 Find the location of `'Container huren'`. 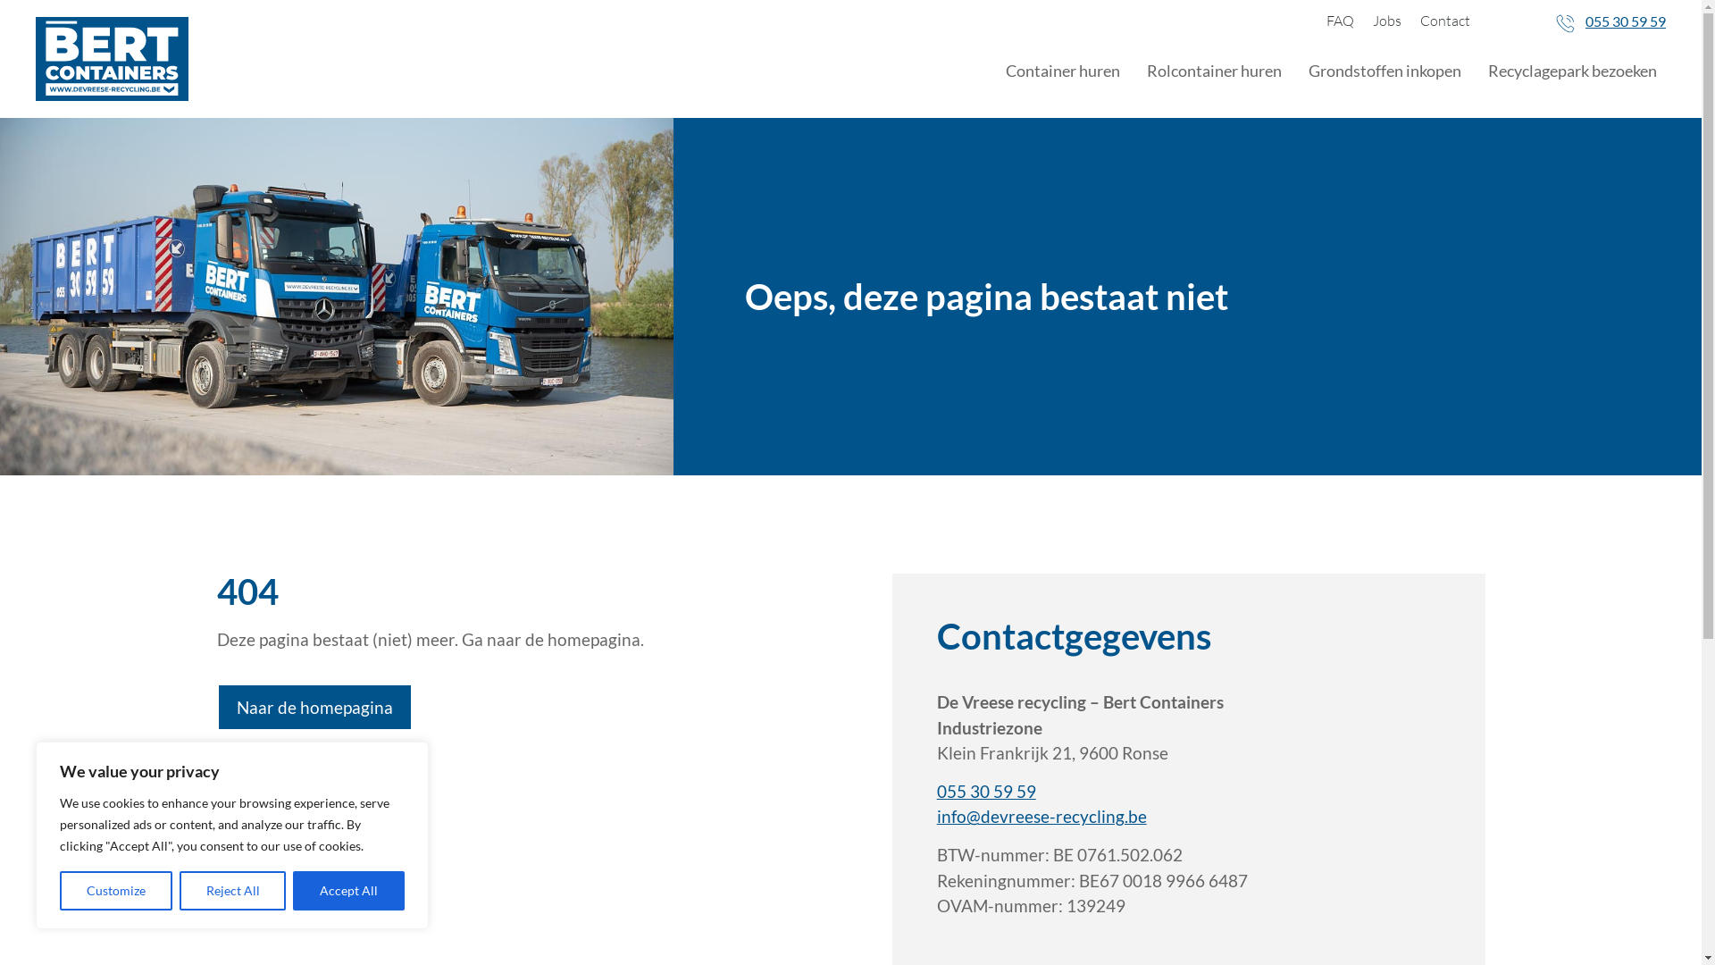

'Container huren' is located at coordinates (1063, 69).